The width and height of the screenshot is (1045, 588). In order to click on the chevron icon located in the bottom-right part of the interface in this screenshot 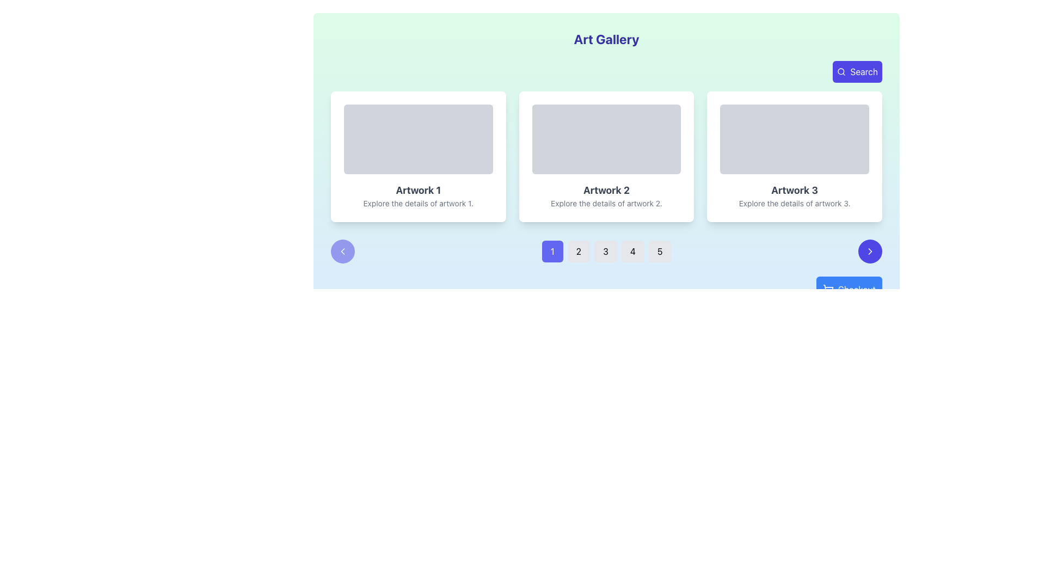, I will do `click(869, 252)`.